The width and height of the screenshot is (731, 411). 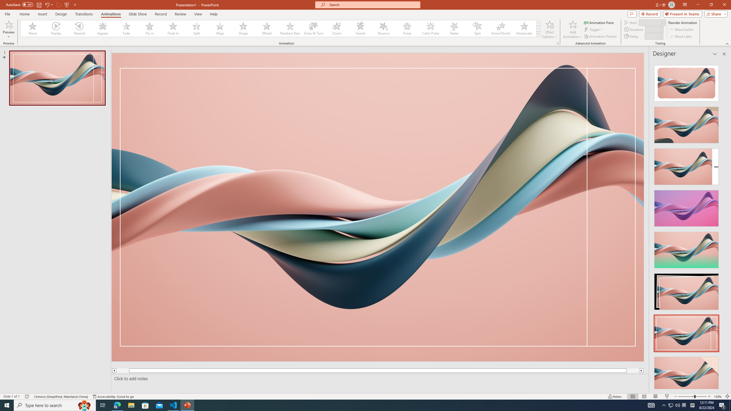 I want to click on 'Trigger', so click(x=594, y=29).